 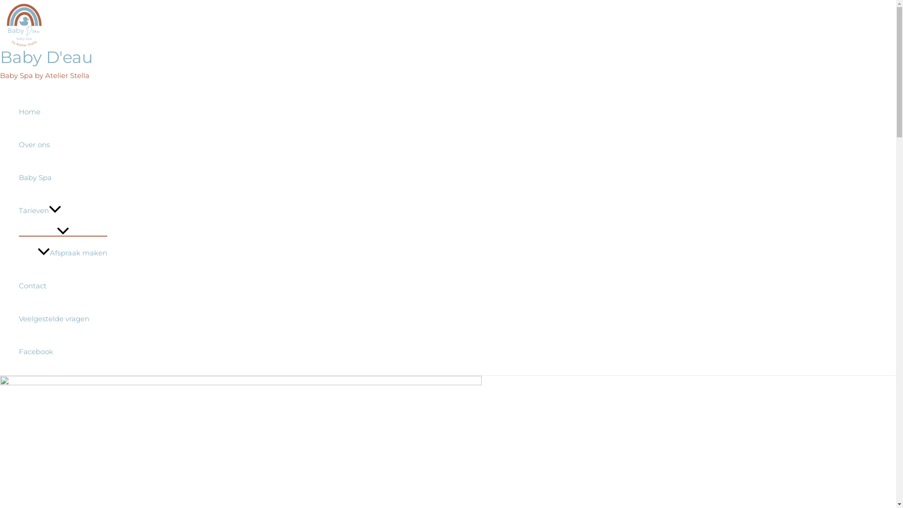 I want to click on 'Home', so click(x=63, y=111).